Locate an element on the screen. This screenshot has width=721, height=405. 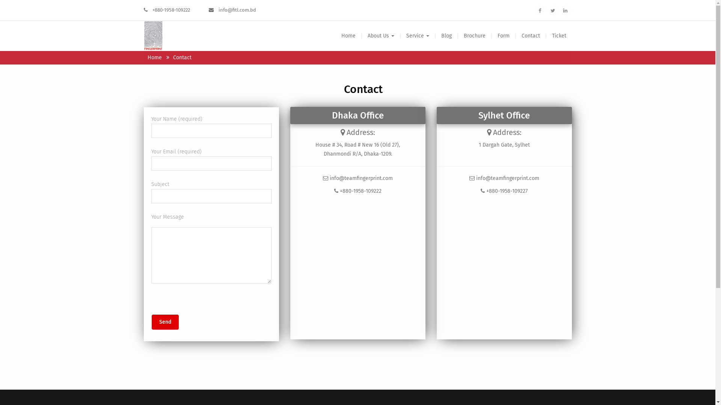
'Blog' is located at coordinates (446, 36).